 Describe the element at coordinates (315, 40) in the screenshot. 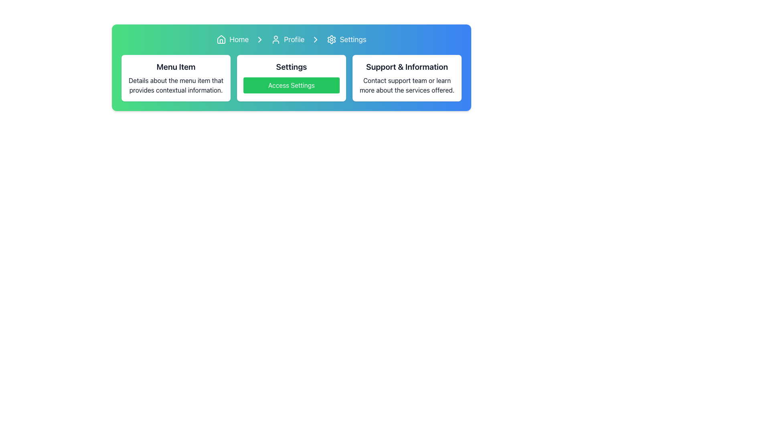

I see `the right-pointing chevron icon with a white stroke in the breadcrumb navigation bar, located between 'Profile' and 'Settings'` at that location.